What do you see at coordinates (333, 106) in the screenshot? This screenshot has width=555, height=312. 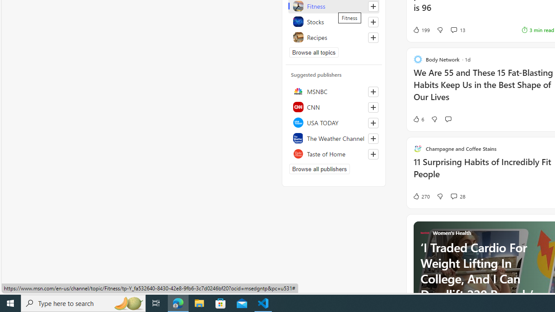 I see `'CNN'` at bounding box center [333, 106].